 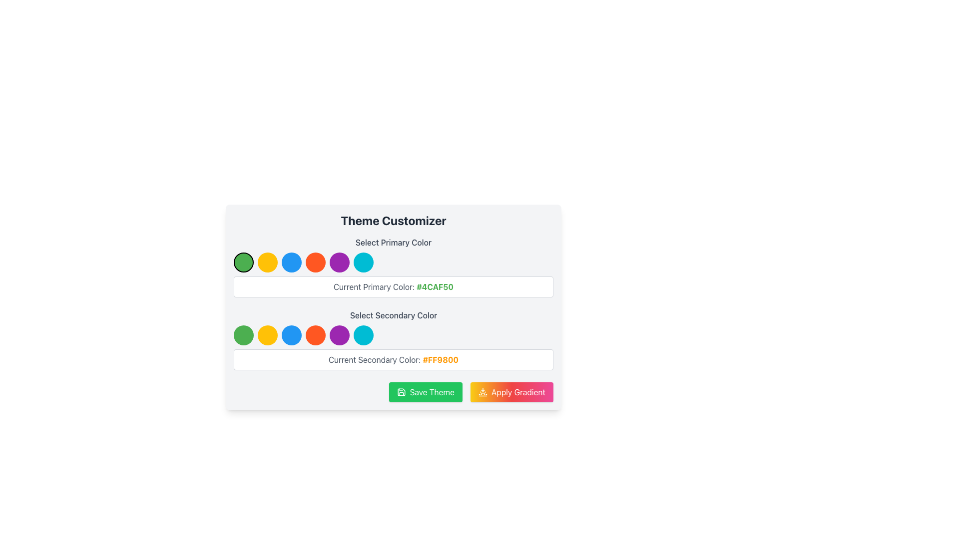 What do you see at coordinates (401, 392) in the screenshot?
I see `the save action icon located to the left of the 'Save Theme' button in the bottom-left section of the 'Theme Customizer' card` at bounding box center [401, 392].